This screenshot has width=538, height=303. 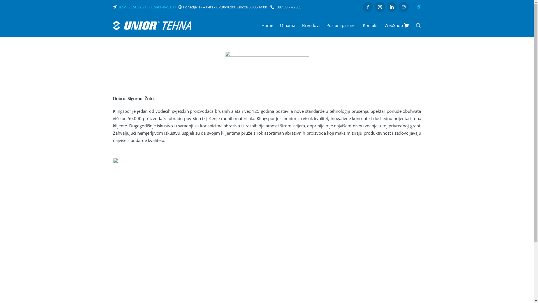 What do you see at coordinates (396, 26) in the screenshot?
I see `'WebShop'` at bounding box center [396, 26].